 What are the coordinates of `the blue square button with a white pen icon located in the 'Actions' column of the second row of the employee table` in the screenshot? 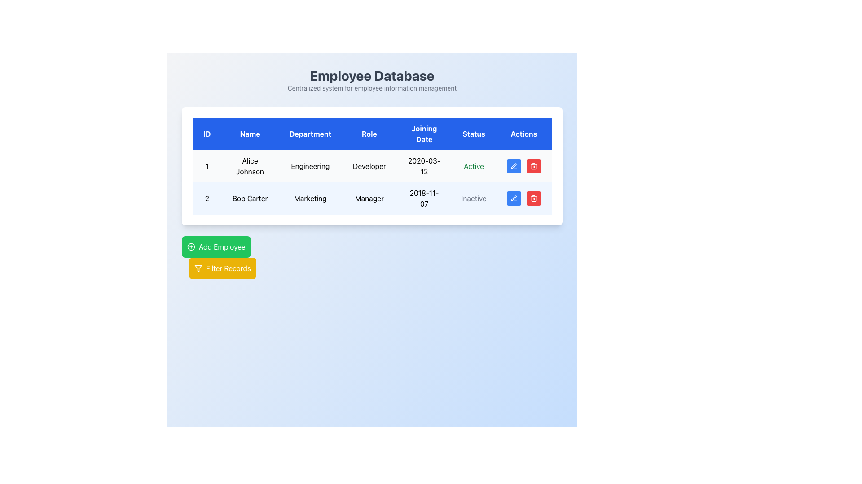 It's located at (514, 198).